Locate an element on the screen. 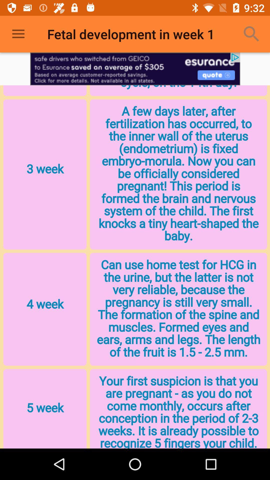  advertising is located at coordinates (135, 68).